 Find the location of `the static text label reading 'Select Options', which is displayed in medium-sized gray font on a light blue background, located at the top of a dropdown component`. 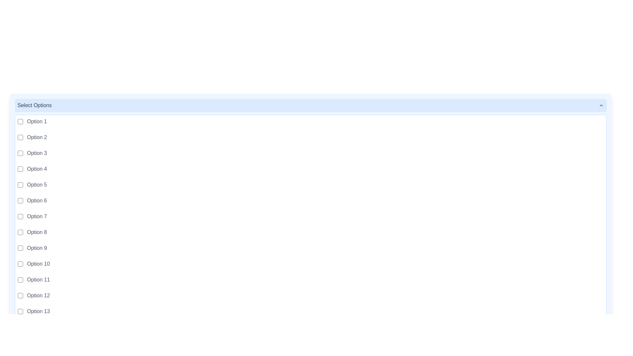

the static text label reading 'Select Options', which is displayed in medium-sized gray font on a light blue background, located at the top of a dropdown component is located at coordinates (34, 105).